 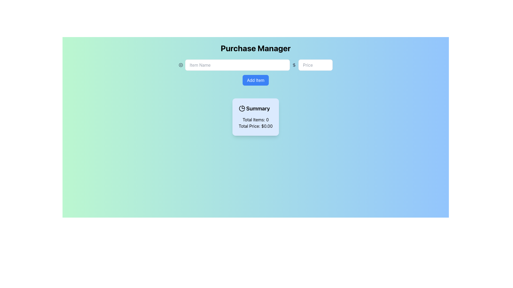 What do you see at coordinates (255, 80) in the screenshot?
I see `the blue rectangular button labeled 'Add Item'` at bounding box center [255, 80].